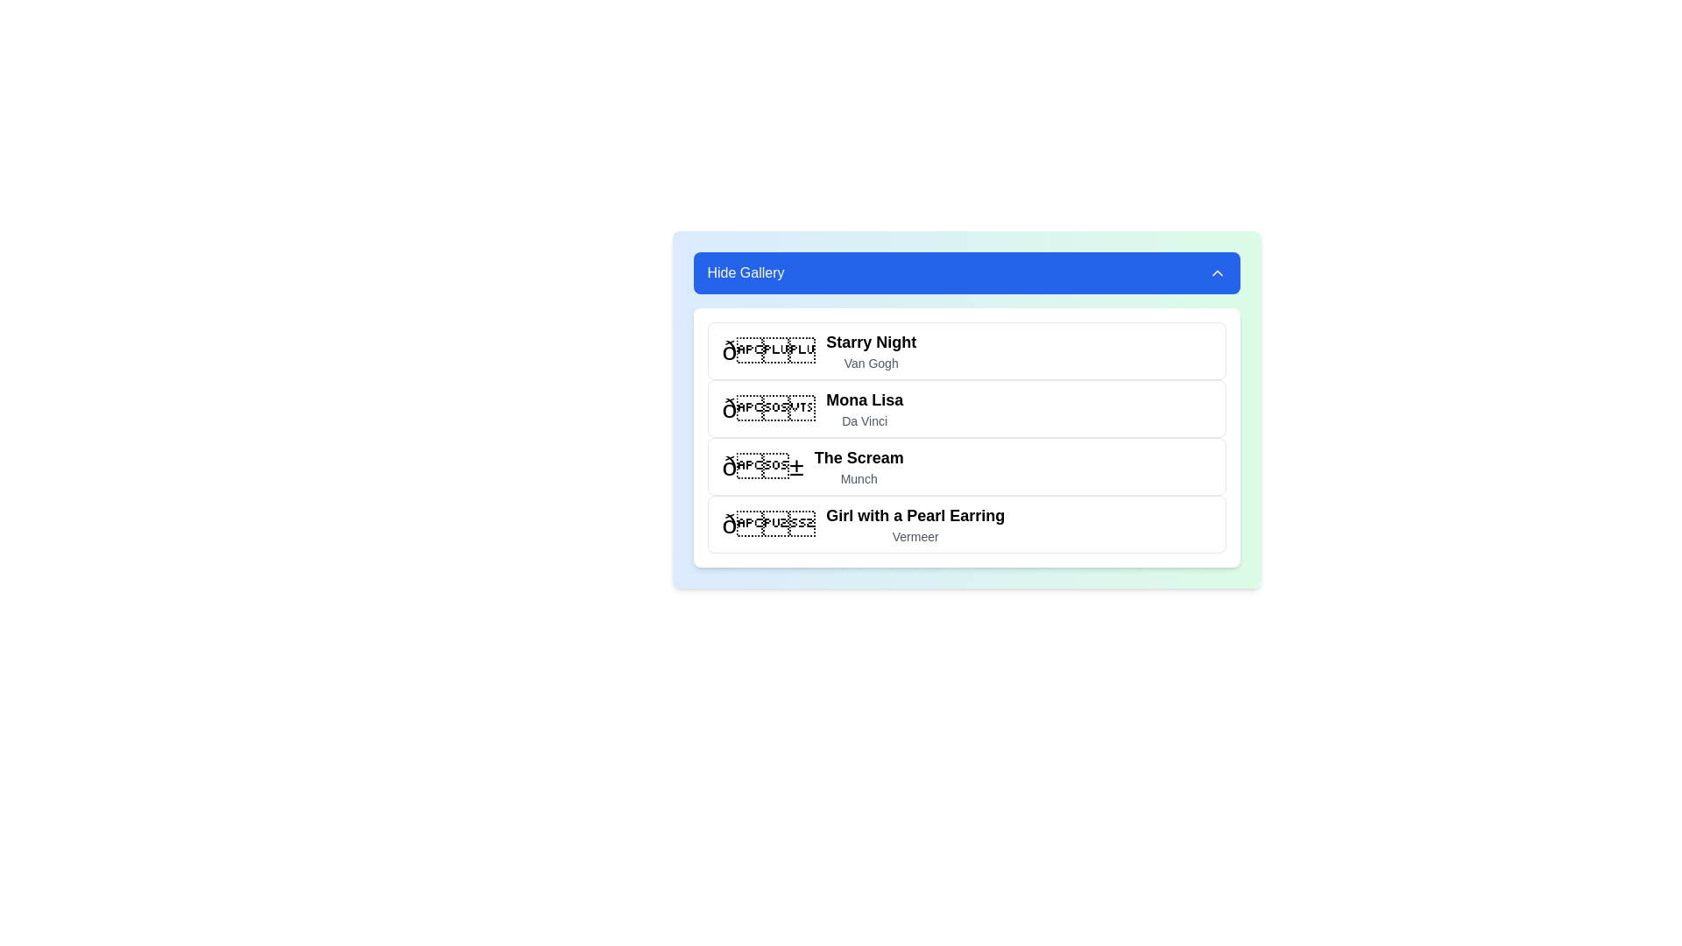 Image resolution: width=1682 pixels, height=946 pixels. Describe the element at coordinates (965, 351) in the screenshot. I see `to select the artwork titled 'Starry Night' by Van Gogh, which is the first item in the vertical list of artworks` at that location.